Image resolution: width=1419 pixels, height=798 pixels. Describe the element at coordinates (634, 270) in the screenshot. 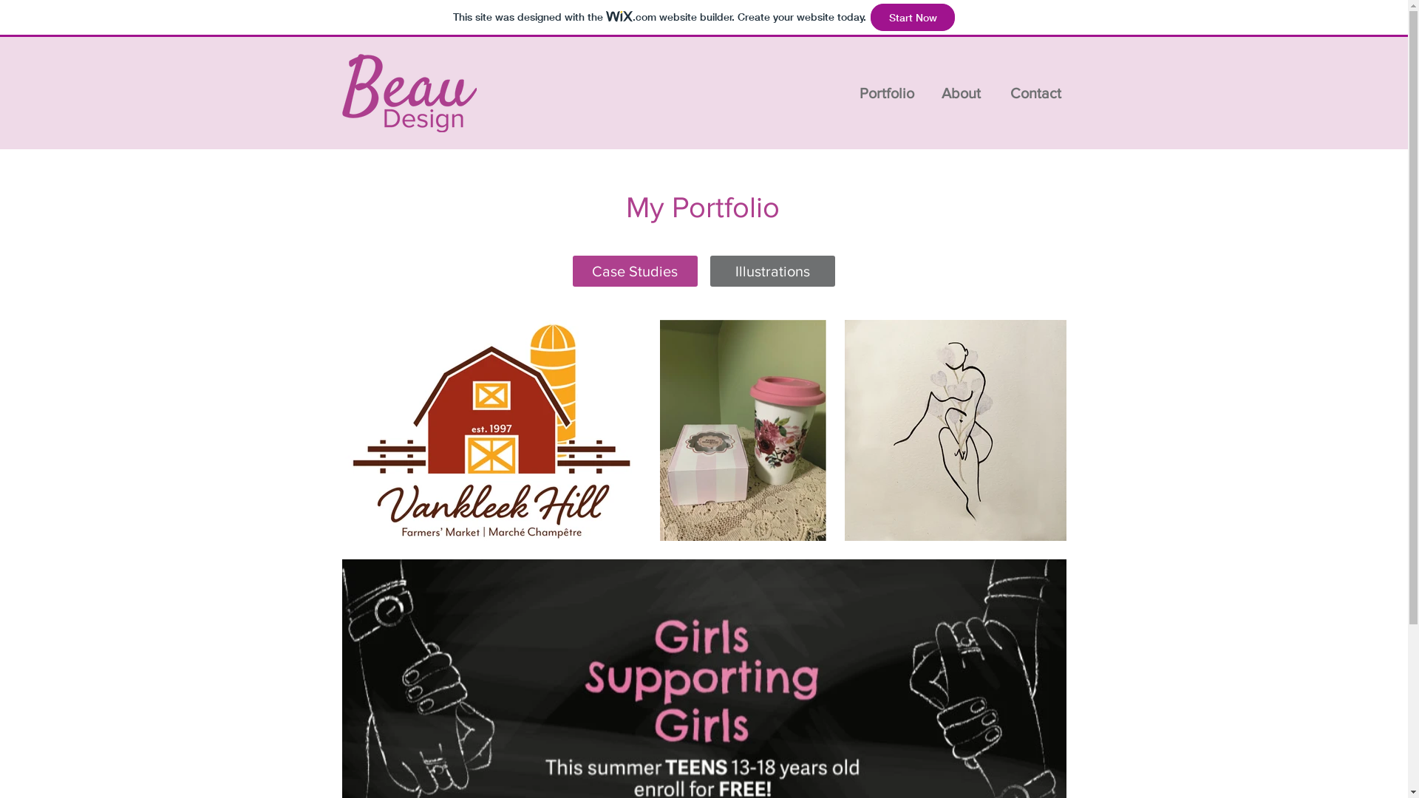

I see `'Case Studies'` at that location.